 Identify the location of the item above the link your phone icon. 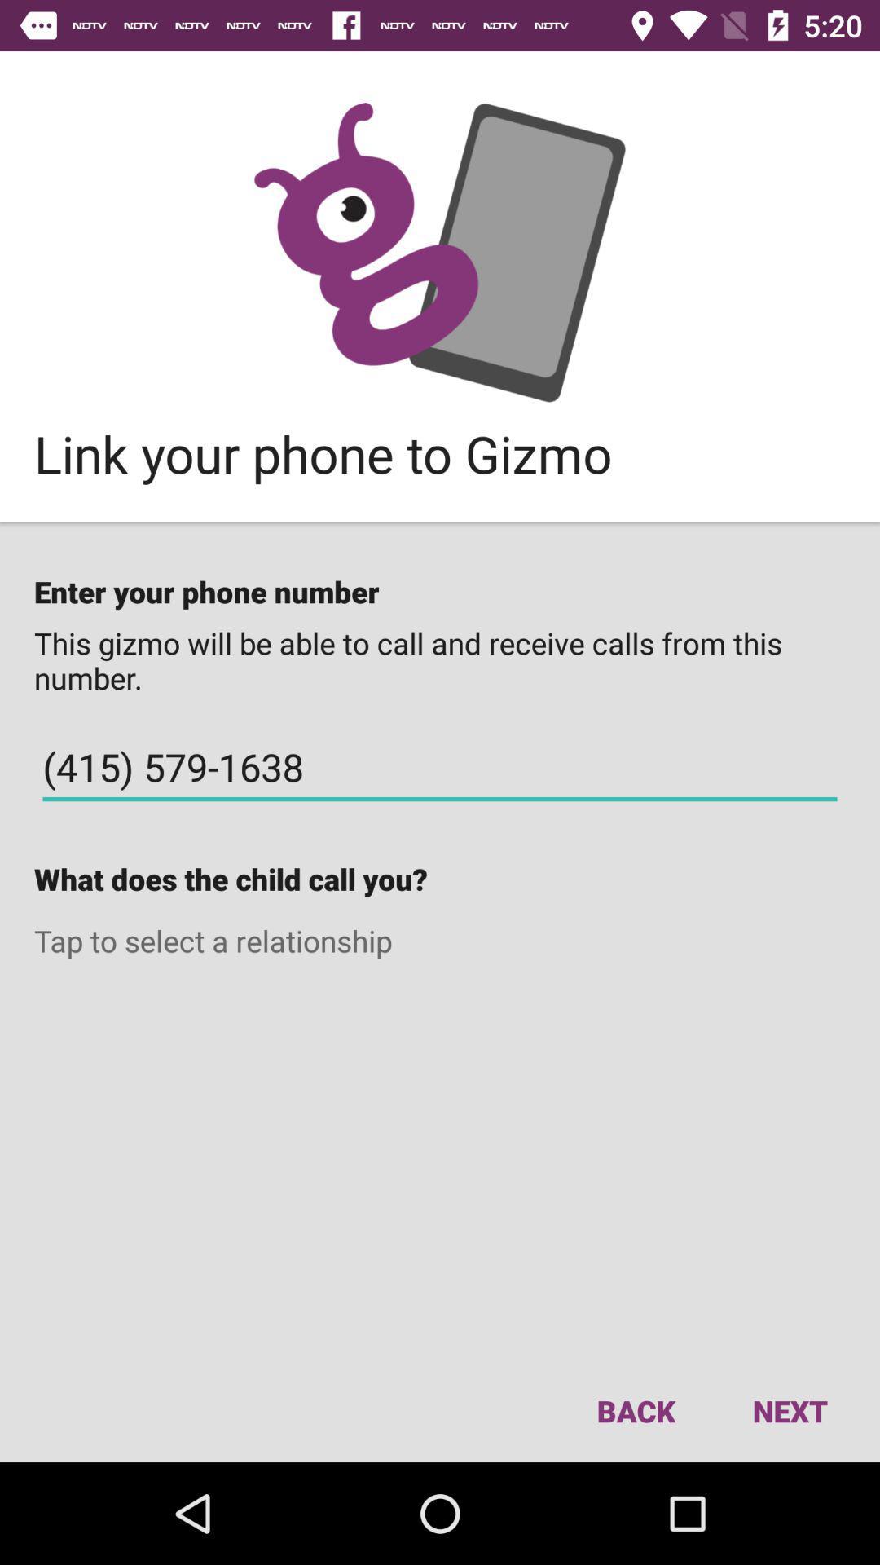
(440, 251).